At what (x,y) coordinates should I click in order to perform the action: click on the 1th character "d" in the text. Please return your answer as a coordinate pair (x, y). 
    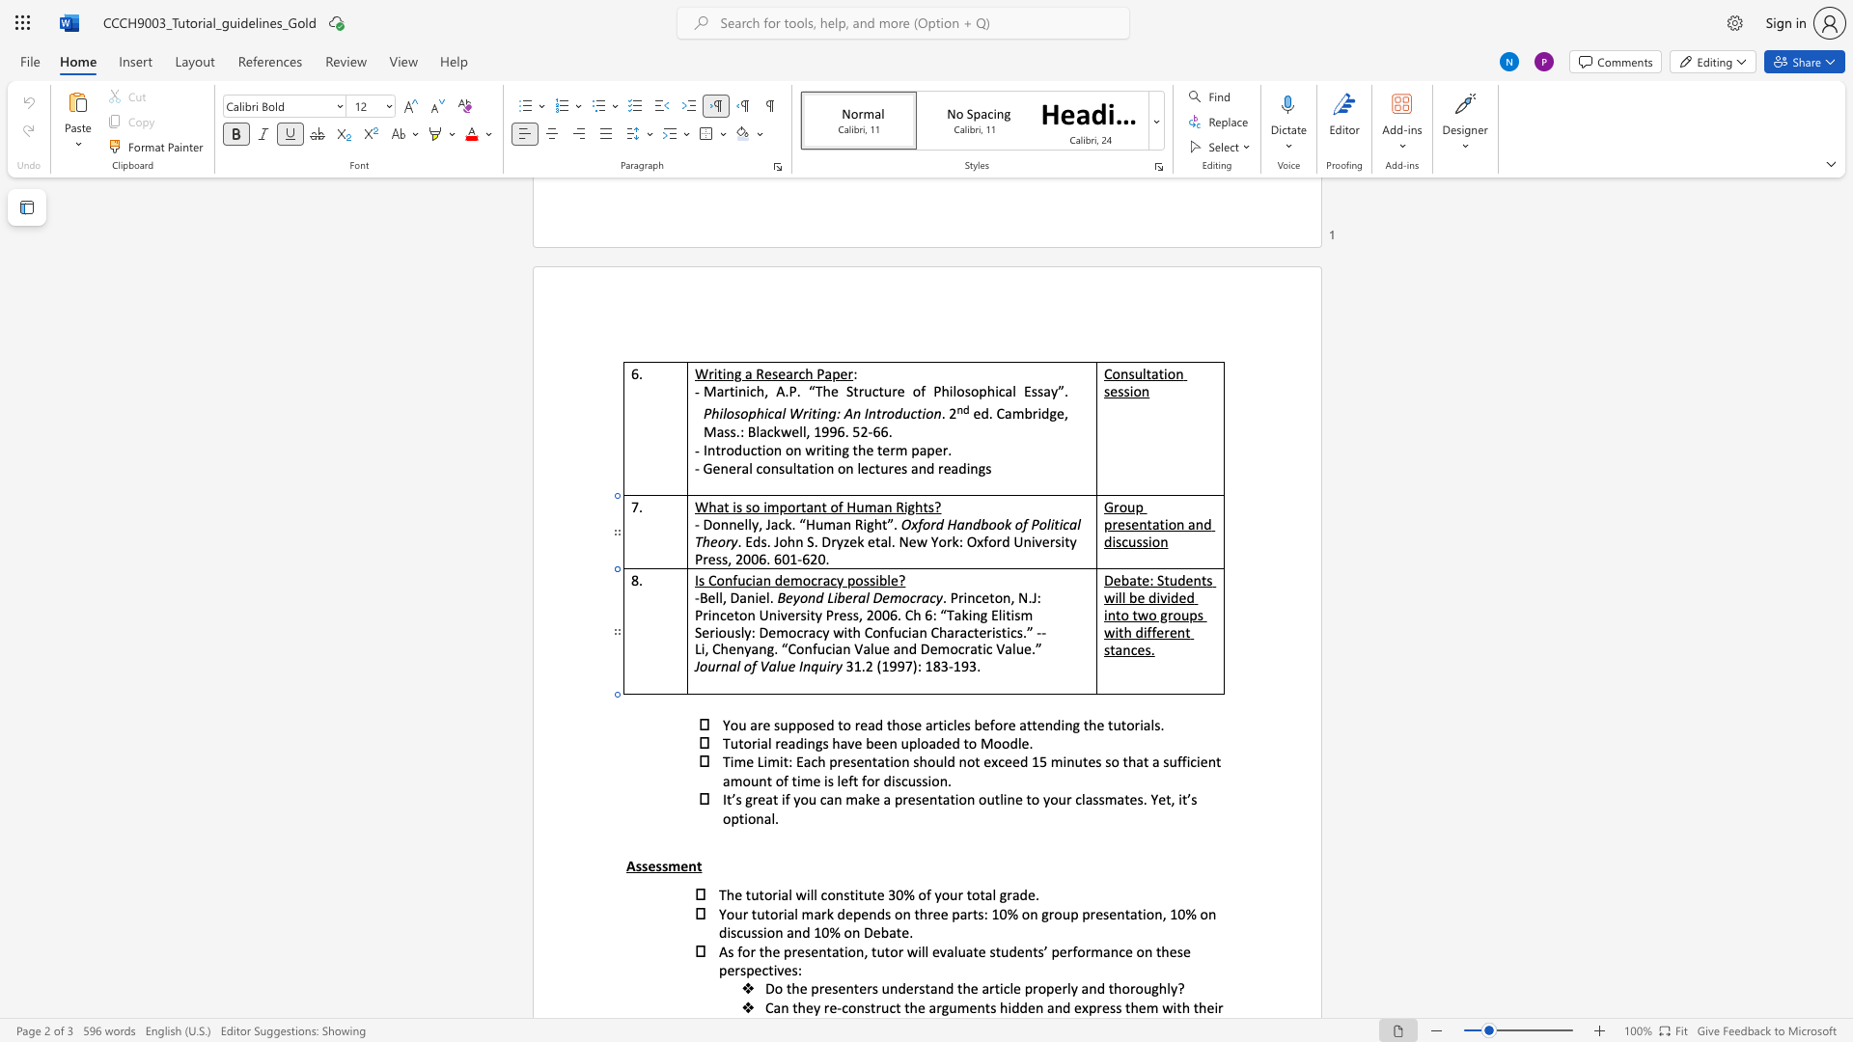
    Looking at the image, I should click on (1022, 894).